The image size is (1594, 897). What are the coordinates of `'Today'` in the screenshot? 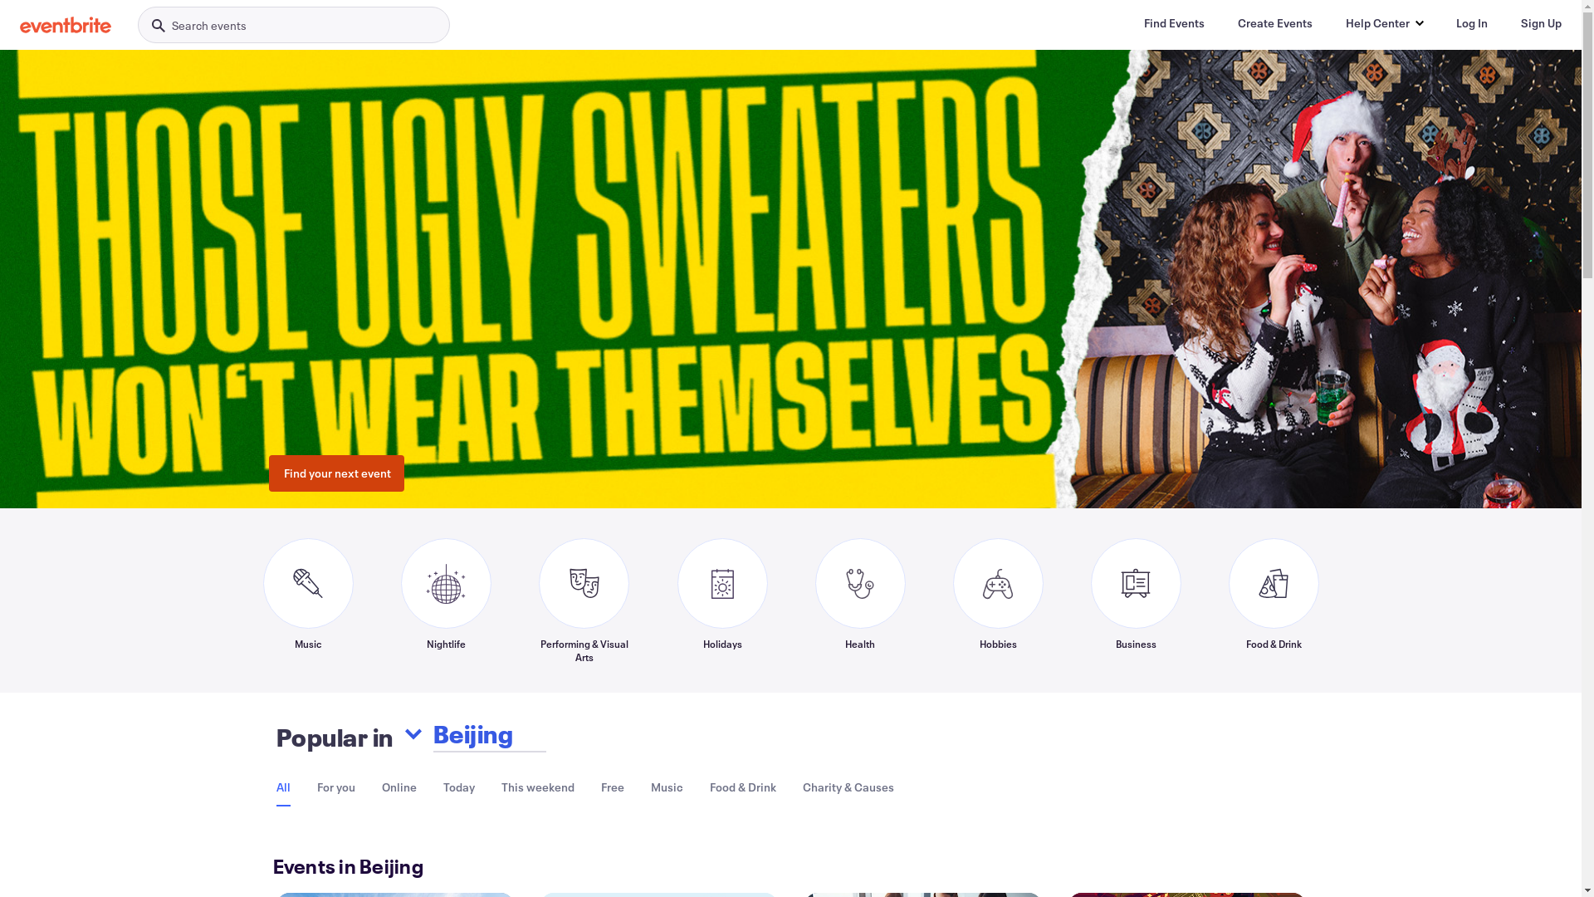 It's located at (443, 786).